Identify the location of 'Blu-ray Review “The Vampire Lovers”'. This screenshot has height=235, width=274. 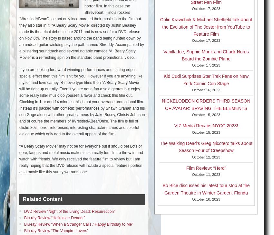
(56, 230).